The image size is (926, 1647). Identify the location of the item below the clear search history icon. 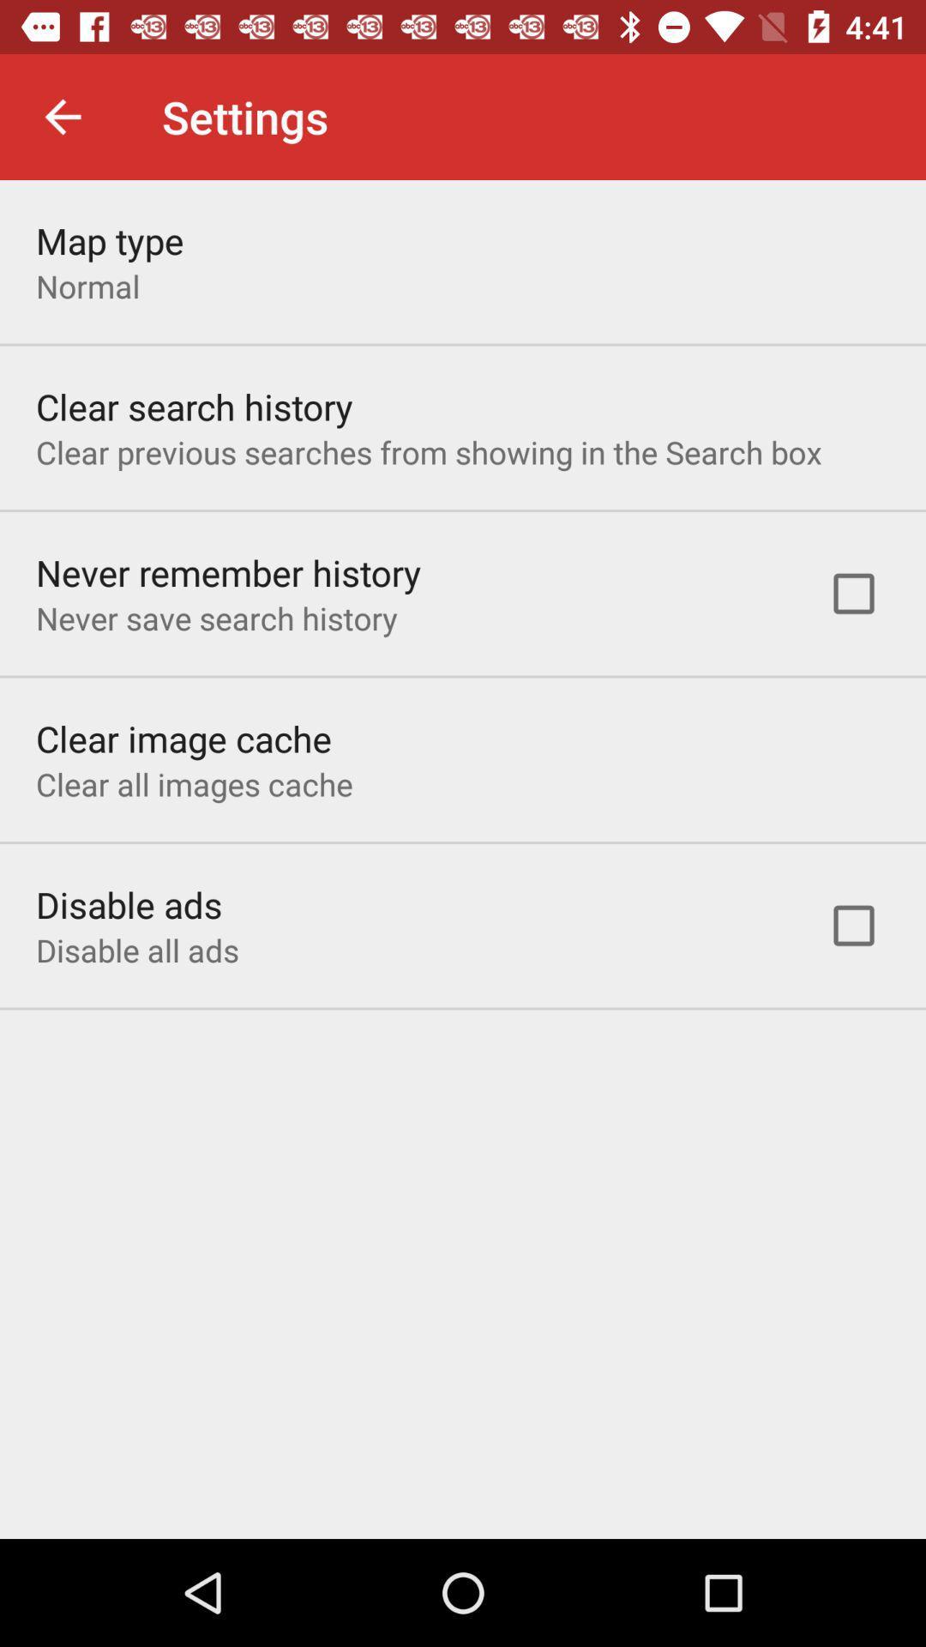
(428, 452).